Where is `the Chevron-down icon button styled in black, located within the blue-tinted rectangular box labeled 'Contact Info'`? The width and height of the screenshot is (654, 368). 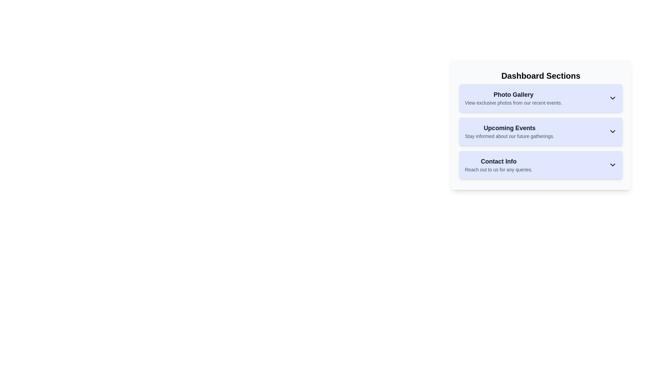
the Chevron-down icon button styled in black, located within the blue-tinted rectangular box labeled 'Contact Info' is located at coordinates (613, 165).